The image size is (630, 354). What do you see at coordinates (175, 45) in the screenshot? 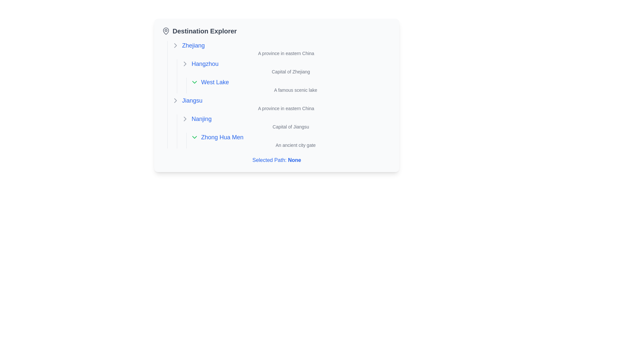
I see `the Chevron Icon next to the 'Zhejiang' label in the expandable list` at bounding box center [175, 45].